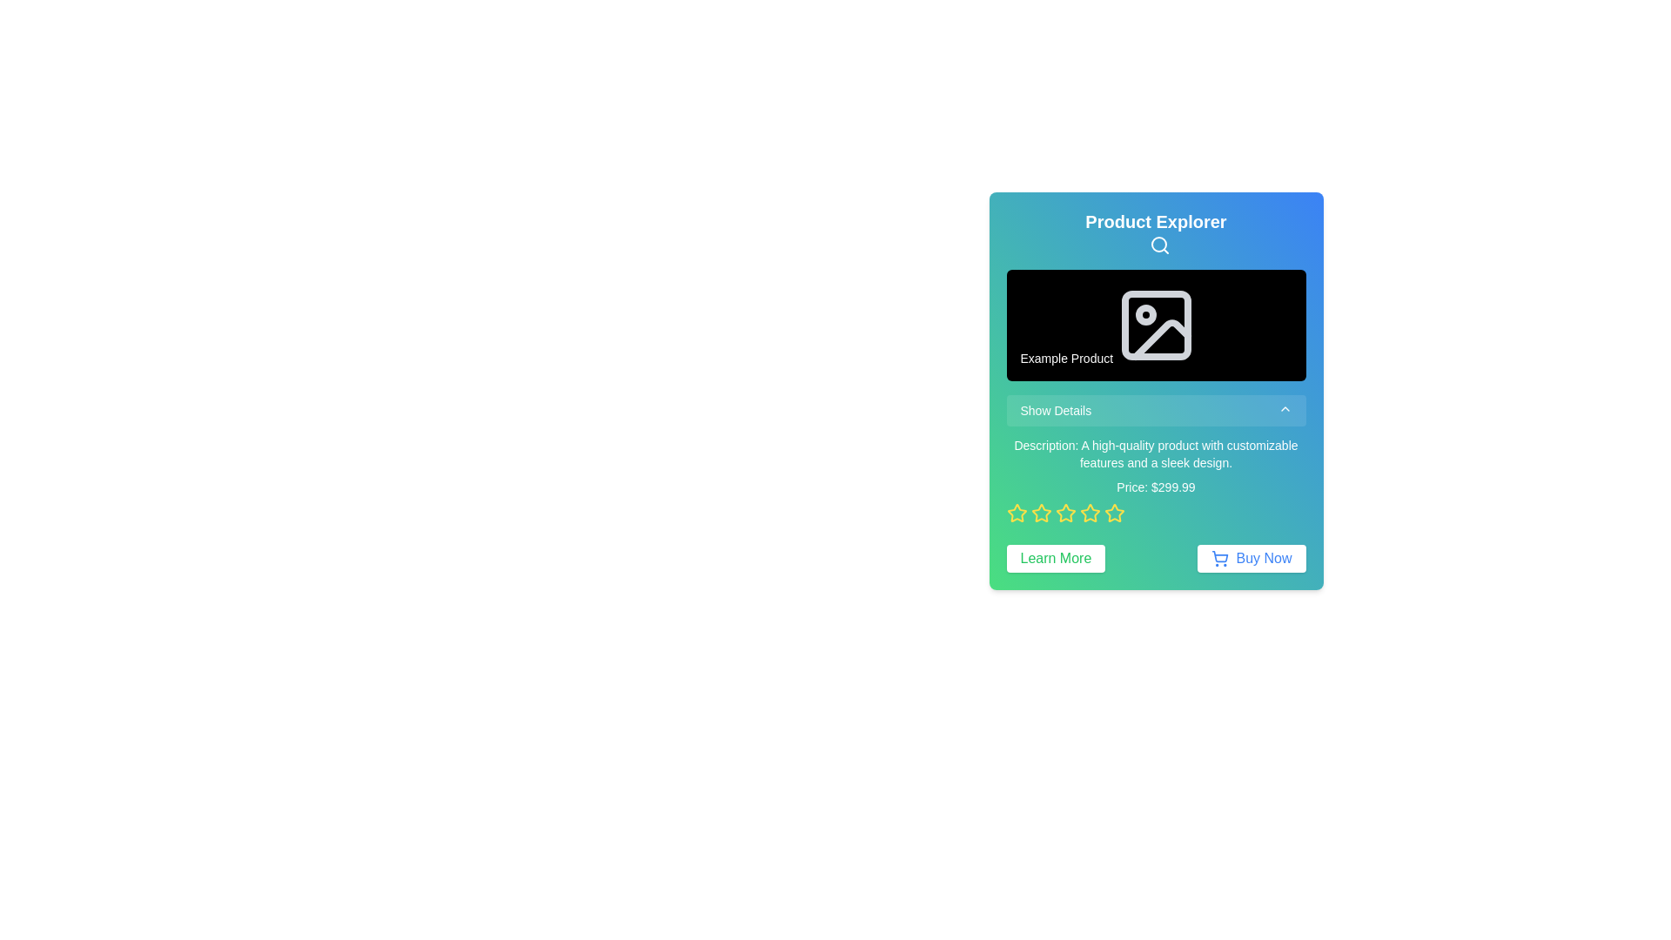 The width and height of the screenshot is (1671, 940). I want to click on the downward-pointing chevron icon next to the 'Show Details' text to trigger the toggle action for collapsible content, so click(1285, 408).